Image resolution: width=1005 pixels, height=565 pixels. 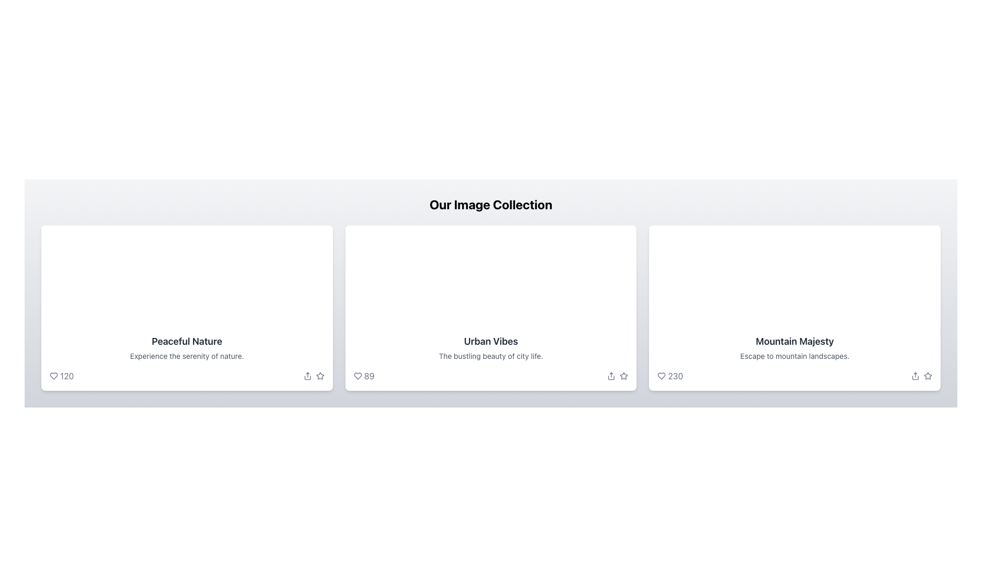 I want to click on text content of the descriptive title located in the second column beneath the image section, providing a brief, engaging description for the viewer, so click(x=490, y=358).